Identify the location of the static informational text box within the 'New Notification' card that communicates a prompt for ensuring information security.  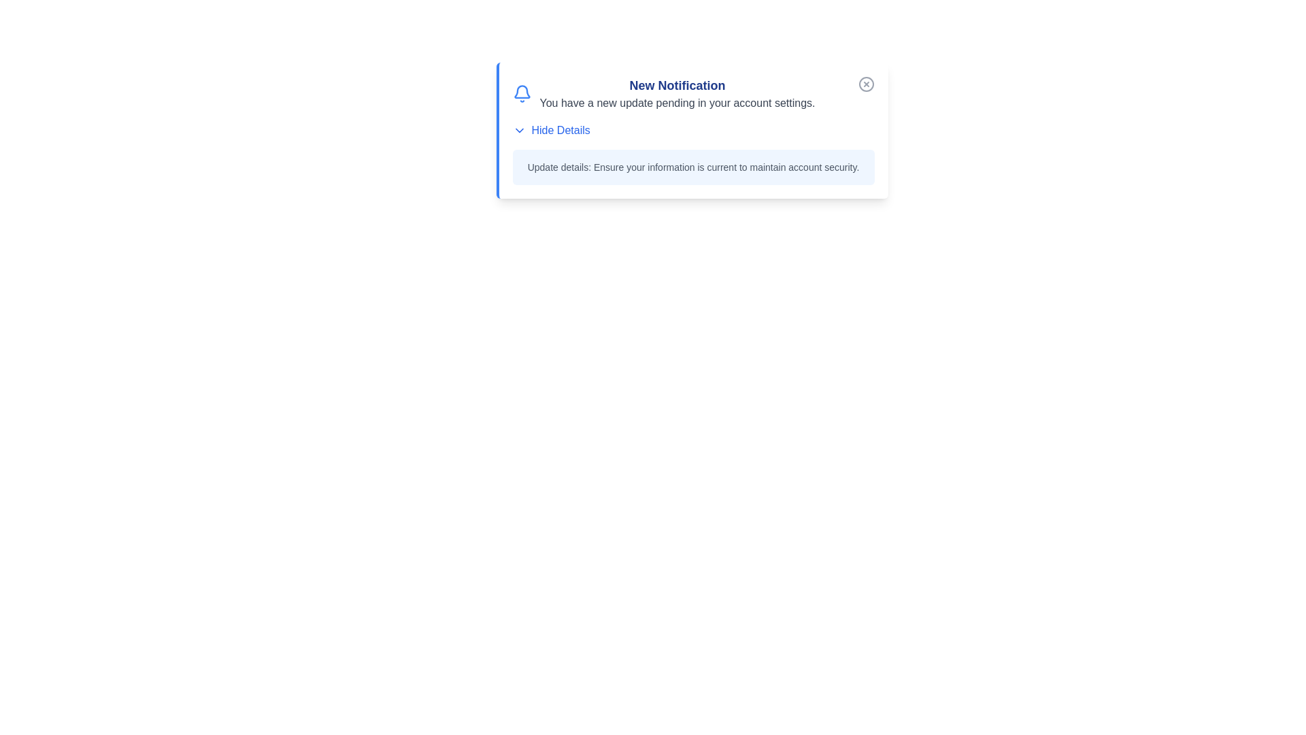
(693, 167).